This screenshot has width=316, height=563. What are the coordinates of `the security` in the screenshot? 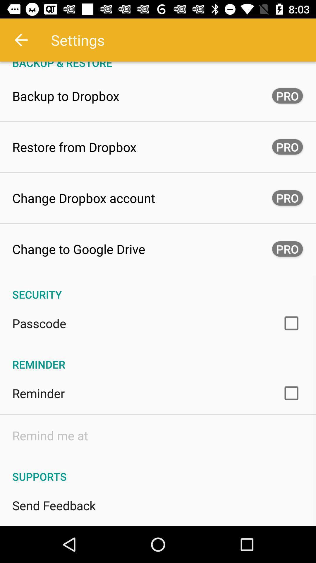 It's located at (158, 288).